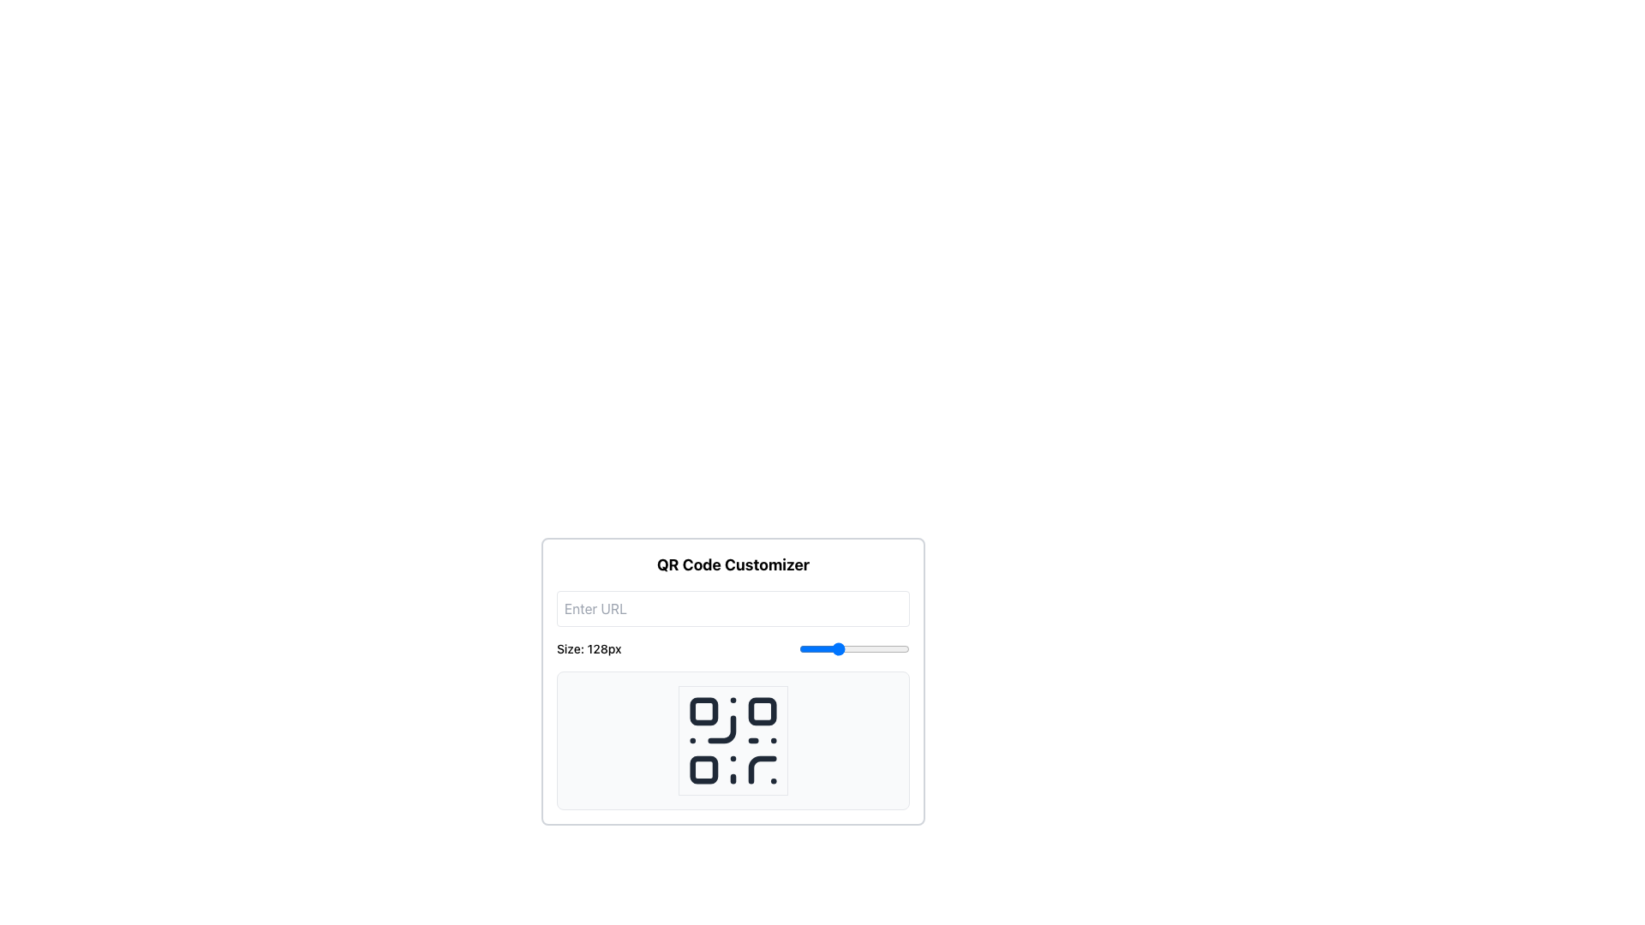 The height and width of the screenshot is (925, 1645). Describe the element at coordinates (762, 711) in the screenshot. I see `the second square block in the top row of the QR code, which is located to the right of another similar square block` at that location.